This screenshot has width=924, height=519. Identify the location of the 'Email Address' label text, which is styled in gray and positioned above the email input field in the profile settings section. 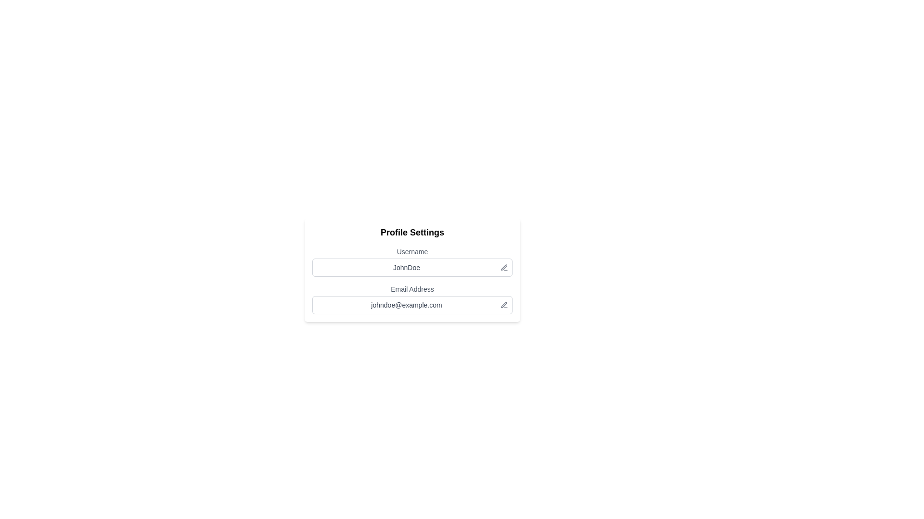
(412, 288).